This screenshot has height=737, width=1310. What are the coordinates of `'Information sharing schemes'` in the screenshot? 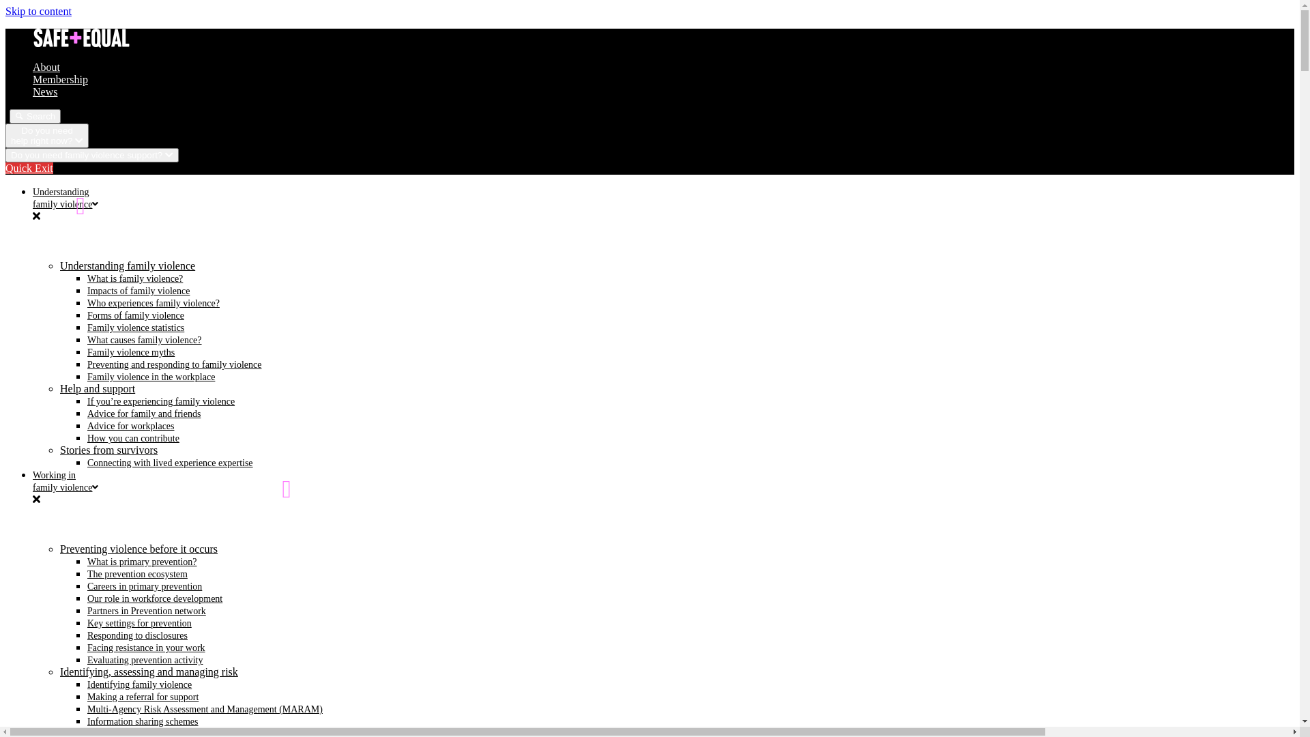 It's located at (143, 721).